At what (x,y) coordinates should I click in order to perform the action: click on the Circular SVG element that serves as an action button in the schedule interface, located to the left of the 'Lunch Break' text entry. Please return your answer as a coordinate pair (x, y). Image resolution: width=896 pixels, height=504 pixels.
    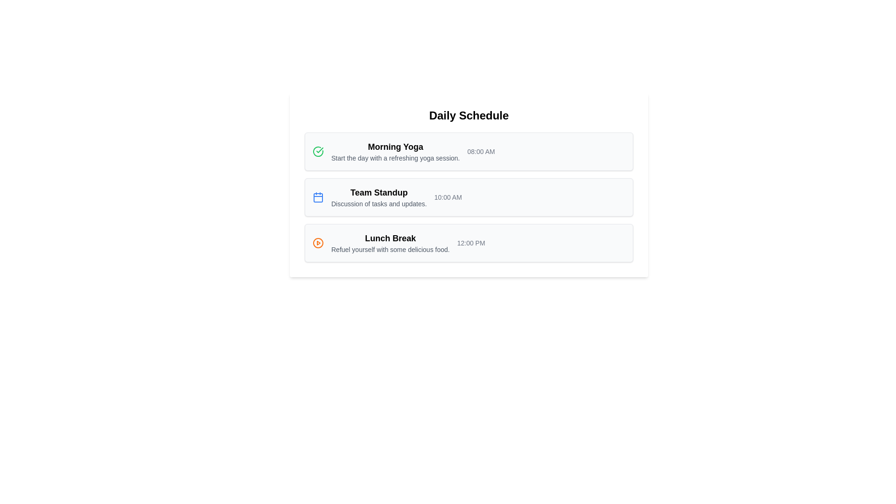
    Looking at the image, I should click on (318, 242).